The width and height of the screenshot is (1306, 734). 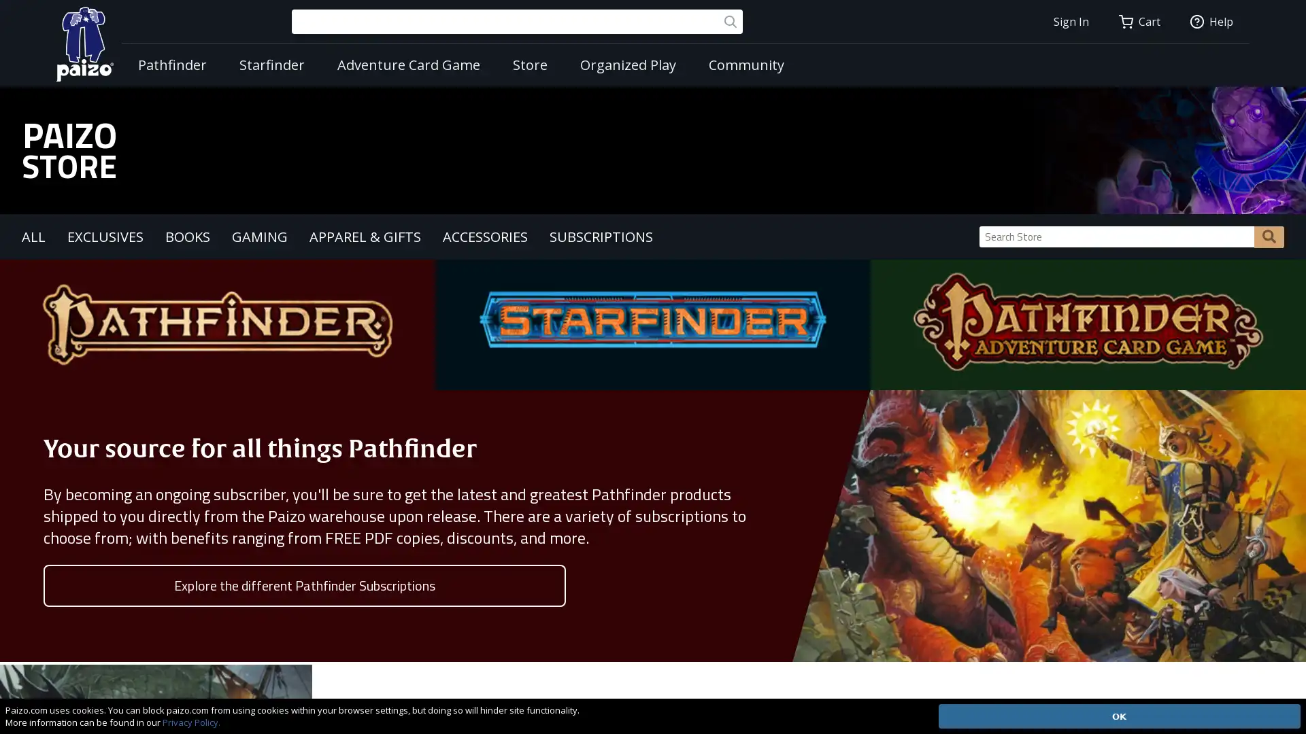 I want to click on Submit, so click(x=1269, y=235).